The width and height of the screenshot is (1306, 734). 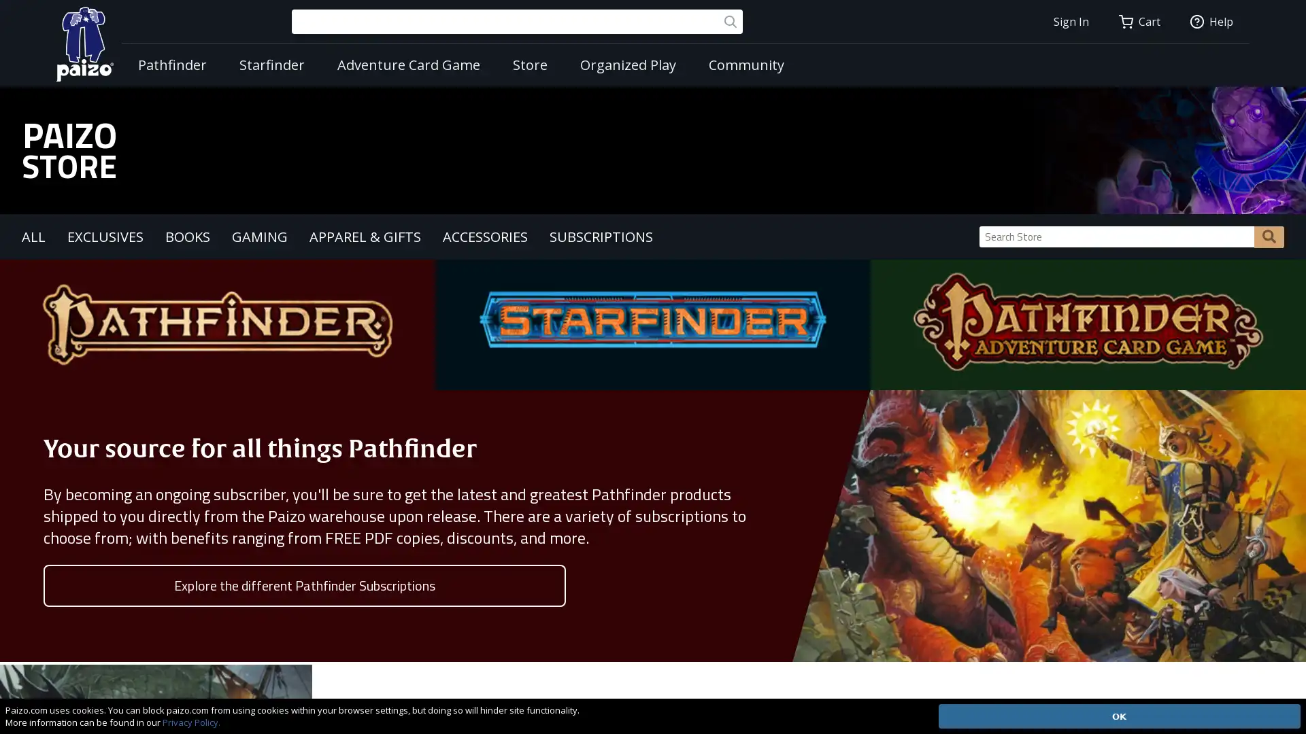 I want to click on Submit, so click(x=1269, y=235).